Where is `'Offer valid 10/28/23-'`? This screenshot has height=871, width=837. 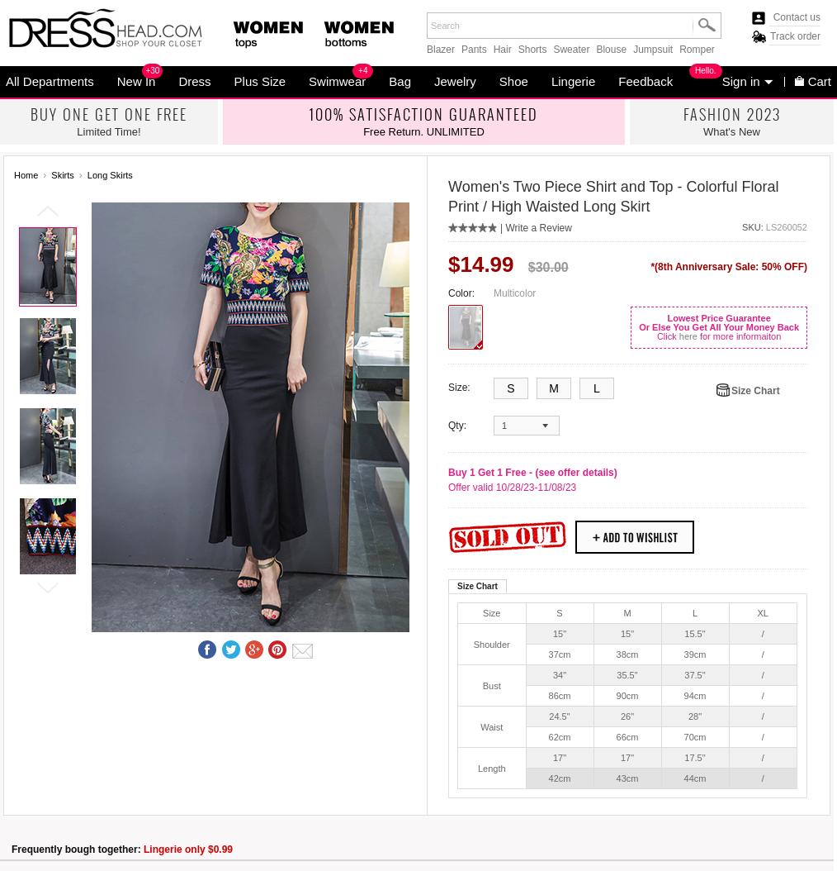 'Offer valid 10/28/23-' is located at coordinates (493, 487).